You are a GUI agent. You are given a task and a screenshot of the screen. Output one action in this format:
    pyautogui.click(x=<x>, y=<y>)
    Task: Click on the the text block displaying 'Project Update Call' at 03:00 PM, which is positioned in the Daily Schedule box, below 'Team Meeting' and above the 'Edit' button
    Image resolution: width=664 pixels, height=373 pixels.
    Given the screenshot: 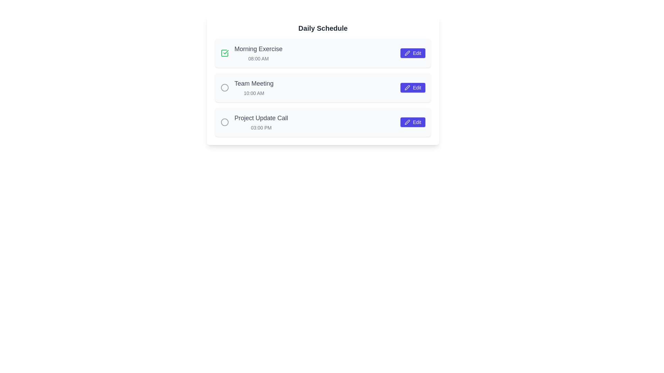 What is the action you would take?
    pyautogui.click(x=261, y=122)
    